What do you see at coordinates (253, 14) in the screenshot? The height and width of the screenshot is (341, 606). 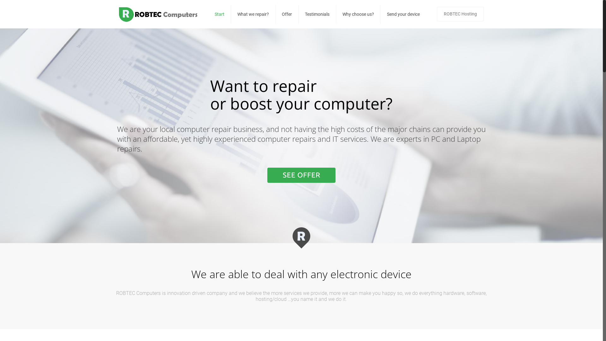 I see `'What we repair?'` at bounding box center [253, 14].